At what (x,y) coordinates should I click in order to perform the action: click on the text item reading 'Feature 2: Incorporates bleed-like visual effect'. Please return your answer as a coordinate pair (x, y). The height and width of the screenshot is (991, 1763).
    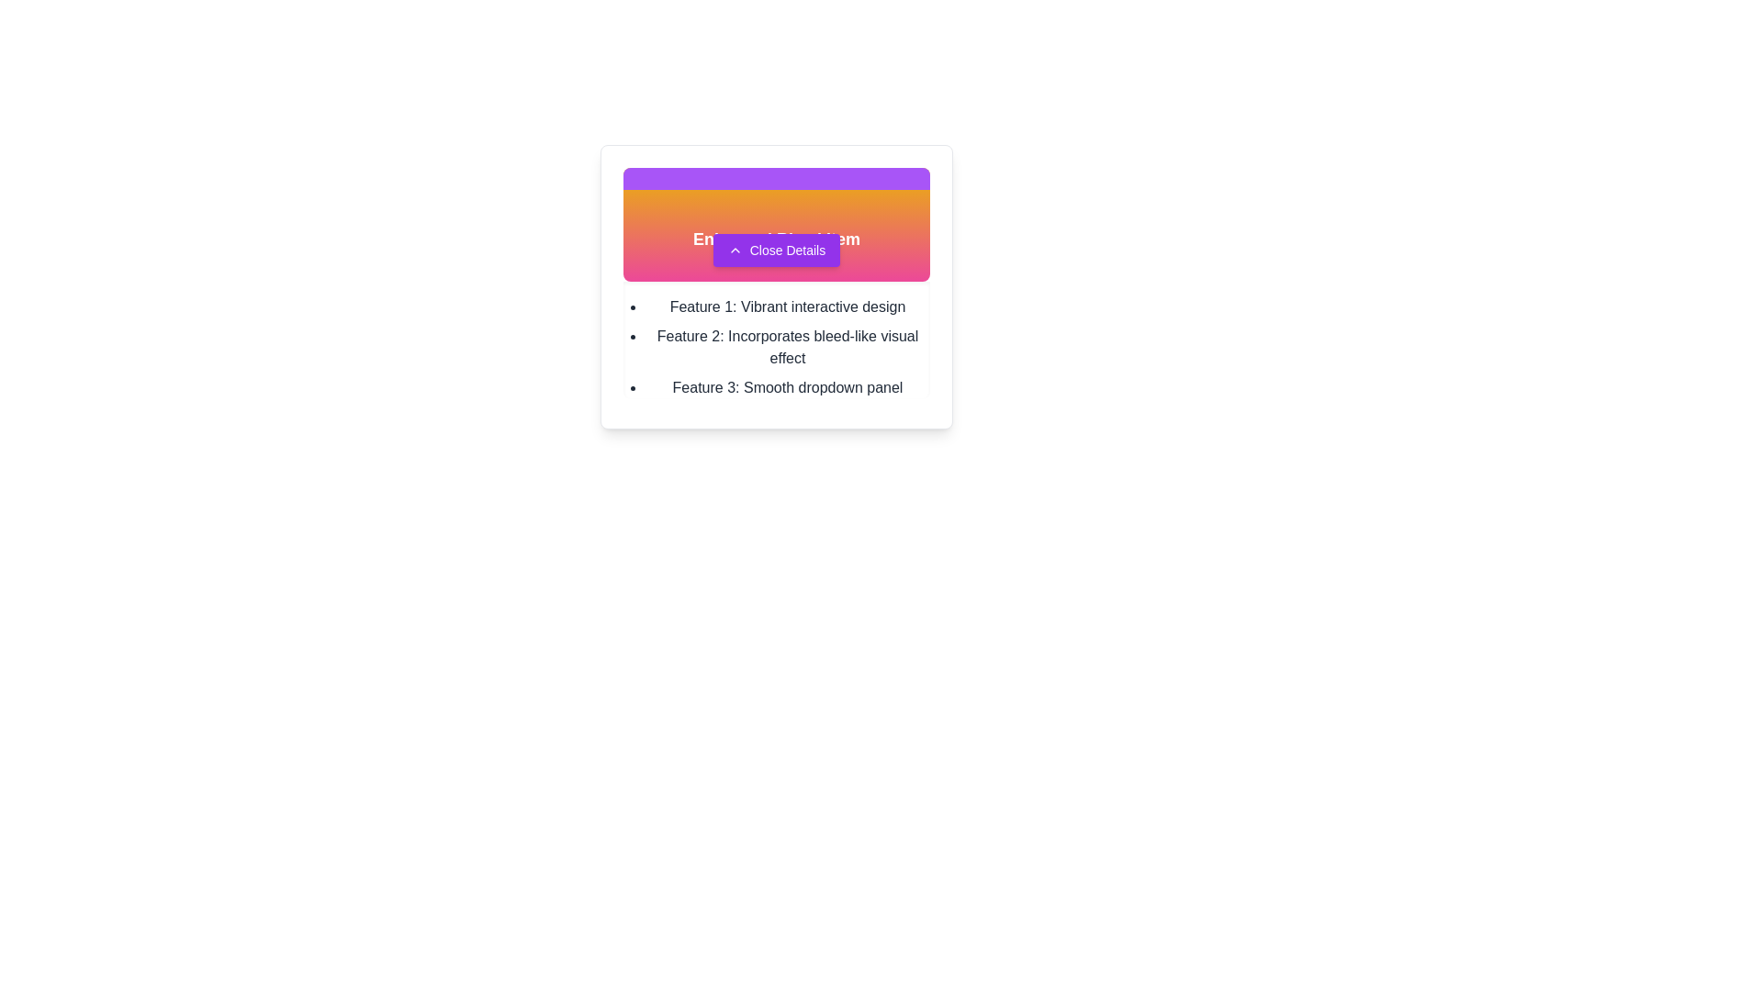
    Looking at the image, I should click on (788, 347).